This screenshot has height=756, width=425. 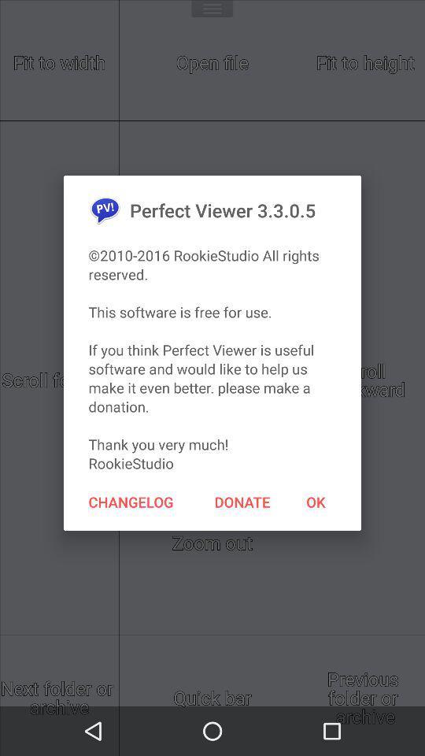 I want to click on donate icon, so click(x=242, y=501).